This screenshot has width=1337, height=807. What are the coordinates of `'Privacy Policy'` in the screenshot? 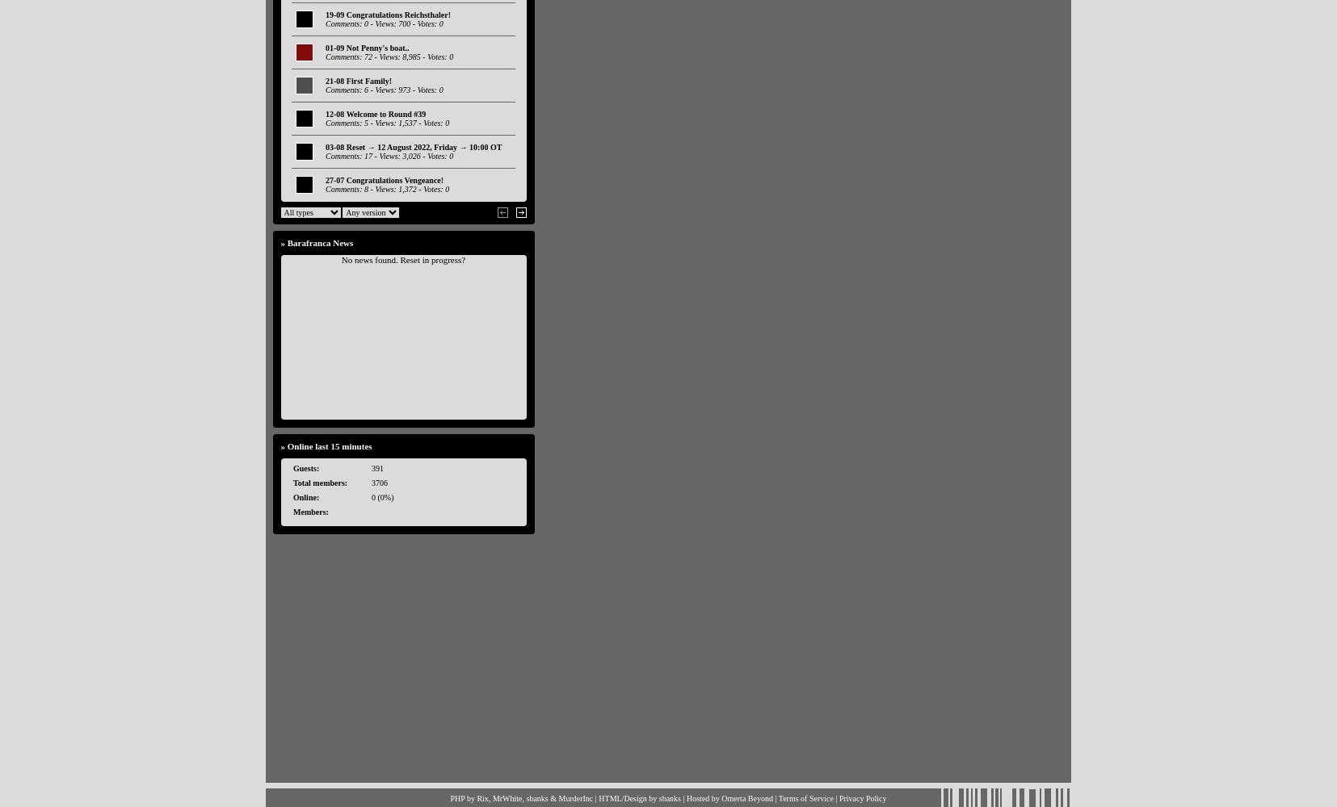 It's located at (862, 797).